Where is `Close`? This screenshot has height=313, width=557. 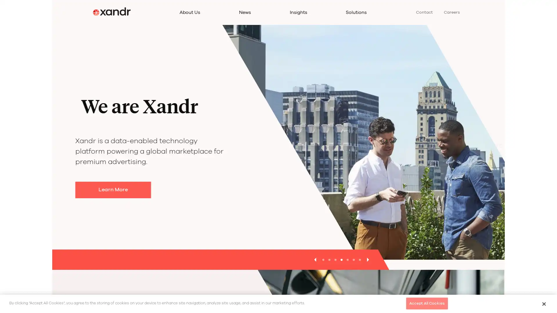 Close is located at coordinates (543, 303).